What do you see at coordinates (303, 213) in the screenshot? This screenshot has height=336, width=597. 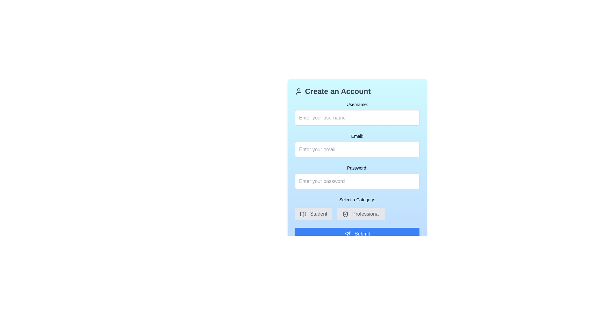 I see `the 'Student' category icon located at the bottom left of the form within its button` at bounding box center [303, 213].